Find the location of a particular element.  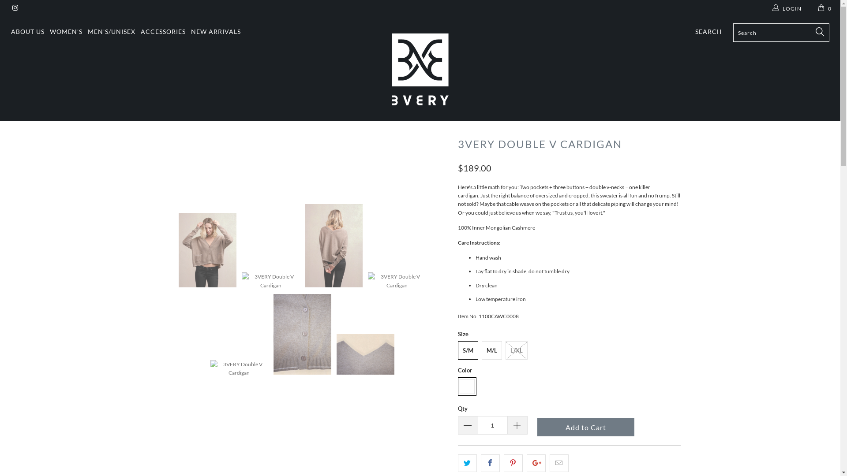

'MEN'S/UNISEX' is located at coordinates (111, 31).